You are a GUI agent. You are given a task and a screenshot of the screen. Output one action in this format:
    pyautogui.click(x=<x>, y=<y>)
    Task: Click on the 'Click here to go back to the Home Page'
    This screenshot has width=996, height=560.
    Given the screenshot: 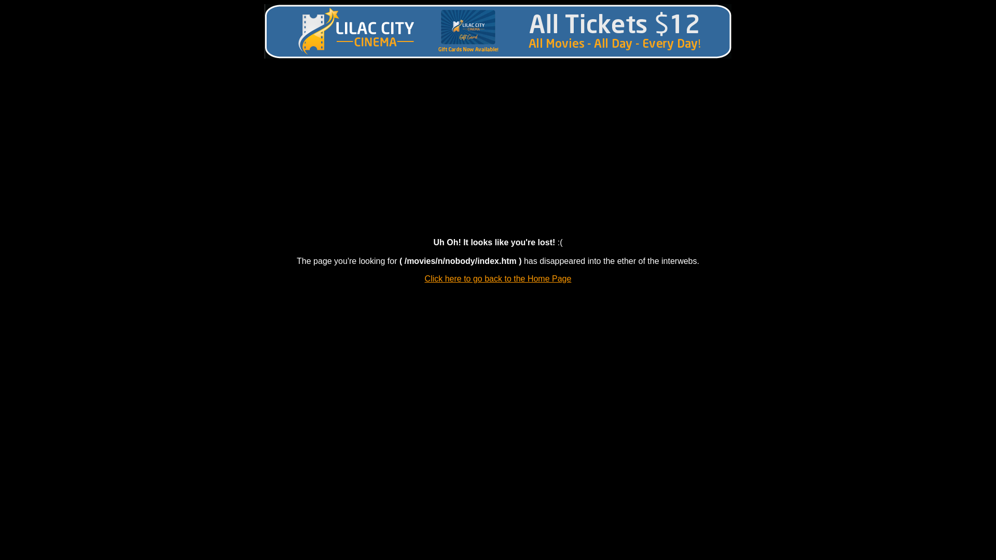 What is the action you would take?
    pyautogui.click(x=425, y=278)
    